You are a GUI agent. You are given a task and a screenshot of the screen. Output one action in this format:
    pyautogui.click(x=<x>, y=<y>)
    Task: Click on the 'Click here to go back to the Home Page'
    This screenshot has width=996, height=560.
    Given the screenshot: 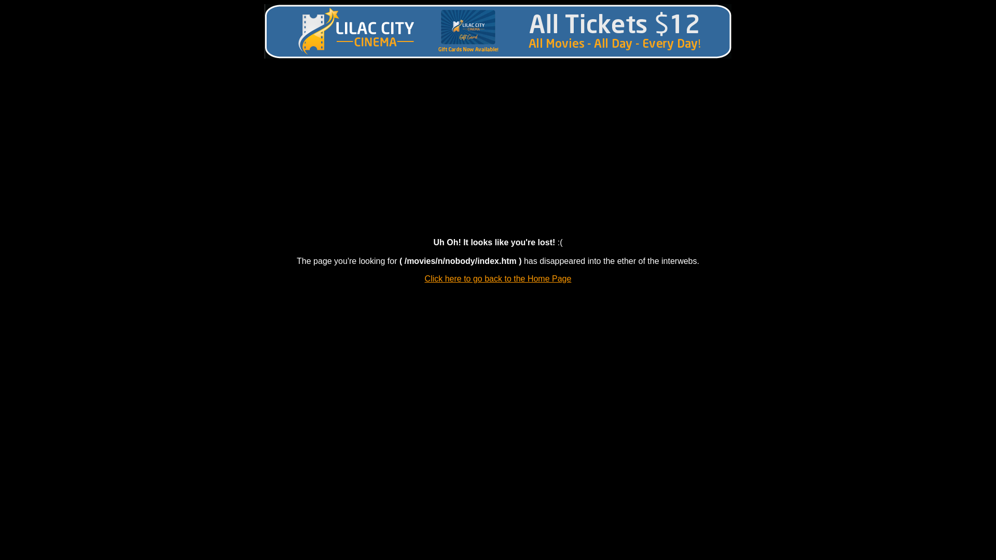 What is the action you would take?
    pyautogui.click(x=425, y=278)
    